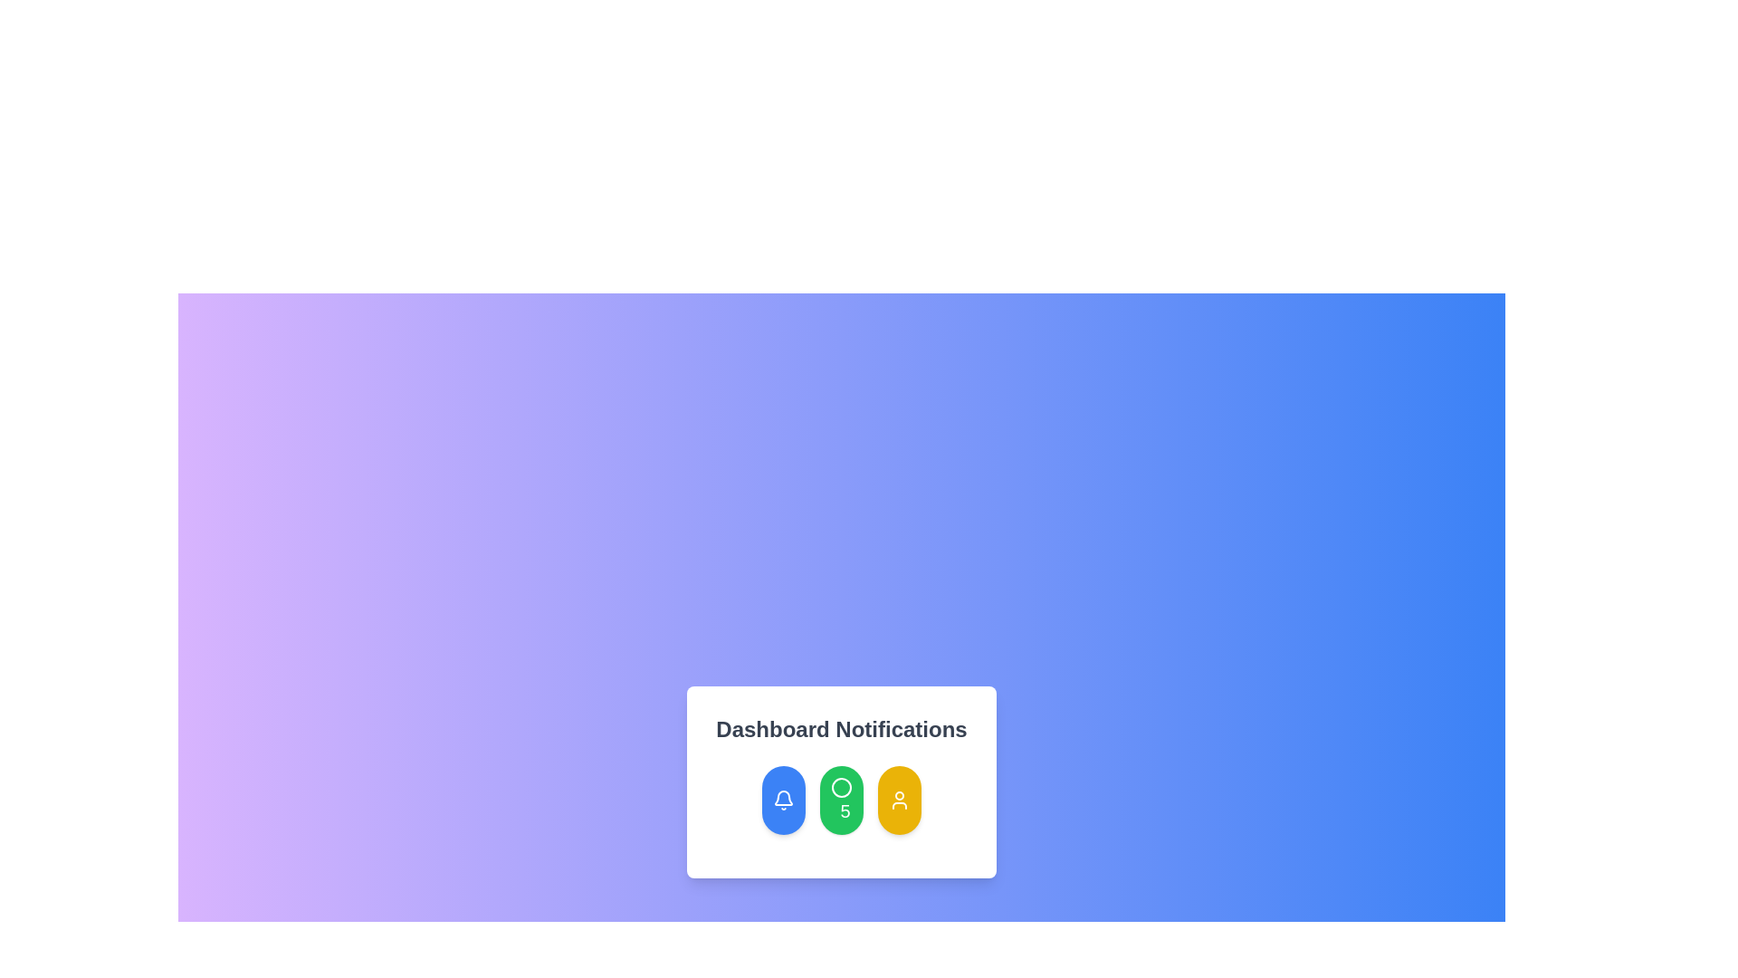 The height and width of the screenshot is (978, 1738). I want to click on the circular button with a blue background and a white bell icon, so click(783, 799).